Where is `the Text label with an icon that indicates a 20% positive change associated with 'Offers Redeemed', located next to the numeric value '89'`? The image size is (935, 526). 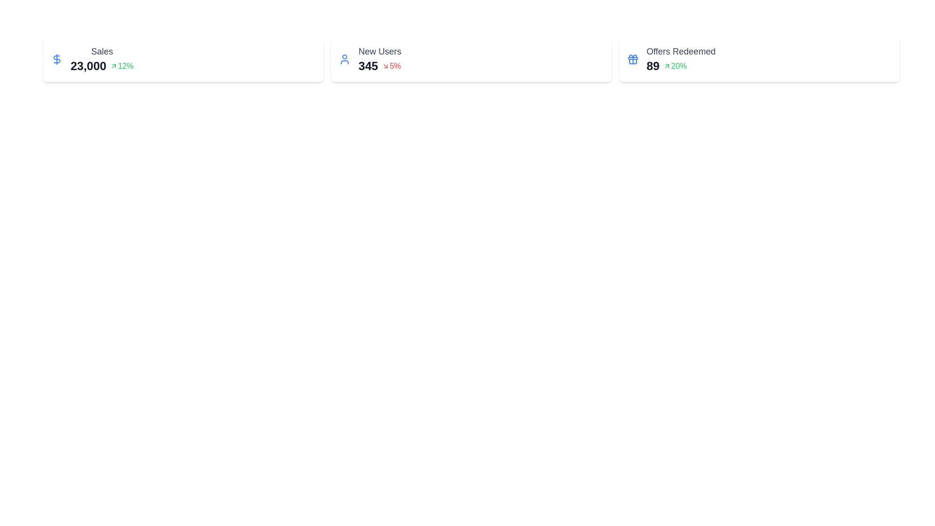
the Text label with an icon that indicates a 20% positive change associated with 'Offers Redeemed', located next to the numeric value '89' is located at coordinates (674, 66).